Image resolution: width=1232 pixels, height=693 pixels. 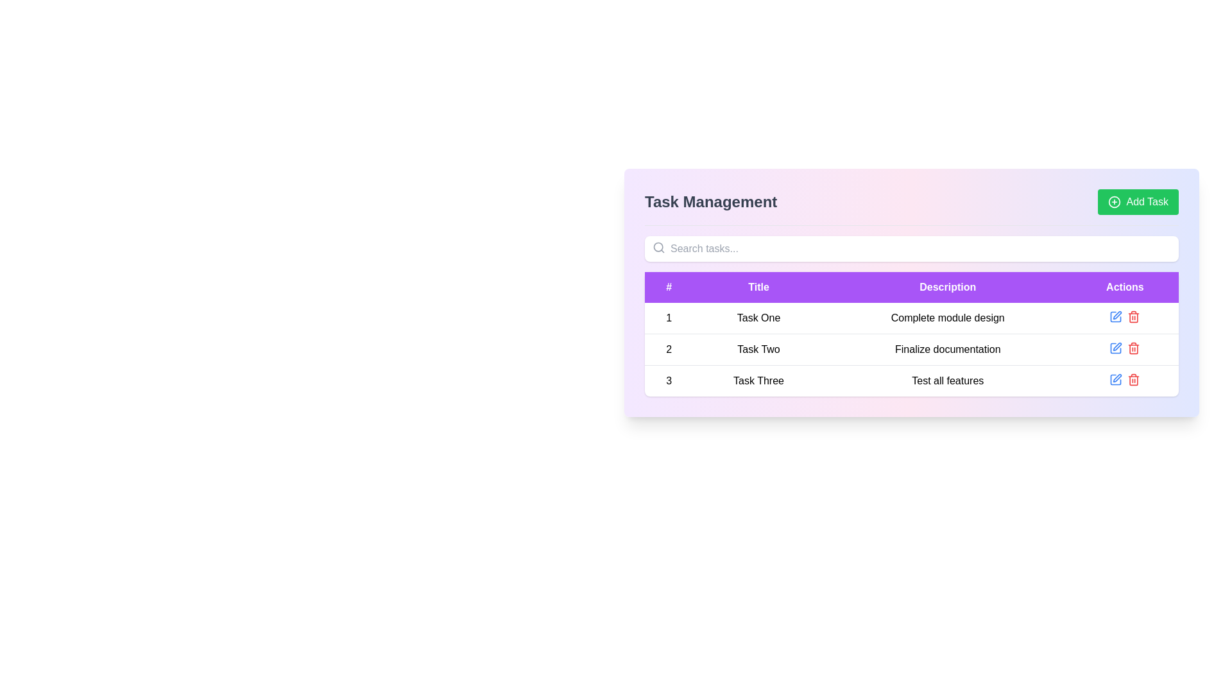 I want to click on the red trash icon Delete button, which is the second interactive icon in the actions column of the third row of the table, to observe its style change, so click(x=1134, y=379).